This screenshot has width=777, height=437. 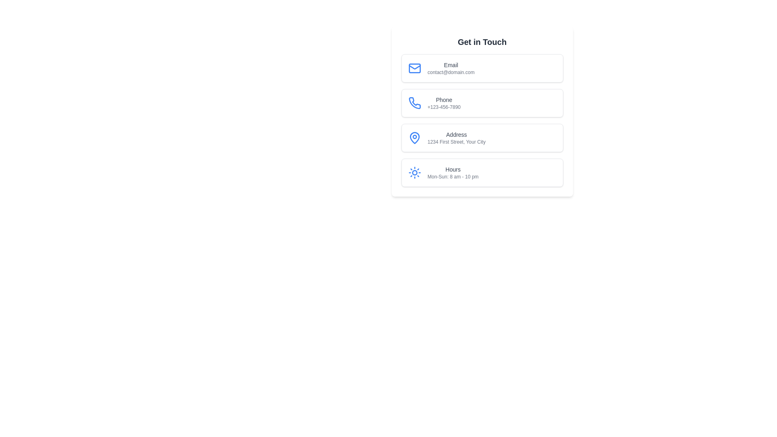 What do you see at coordinates (414, 137) in the screenshot?
I see `the pin-shaped icon with a blue border located in the third row of the contact information section, to the left of the address description` at bounding box center [414, 137].